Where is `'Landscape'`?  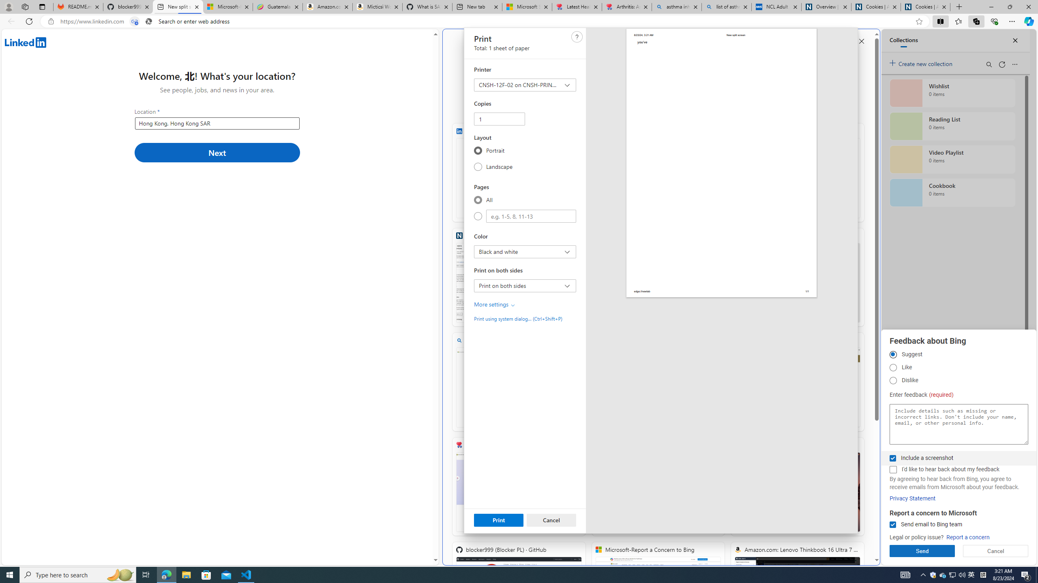 'Landscape' is located at coordinates (478, 166).